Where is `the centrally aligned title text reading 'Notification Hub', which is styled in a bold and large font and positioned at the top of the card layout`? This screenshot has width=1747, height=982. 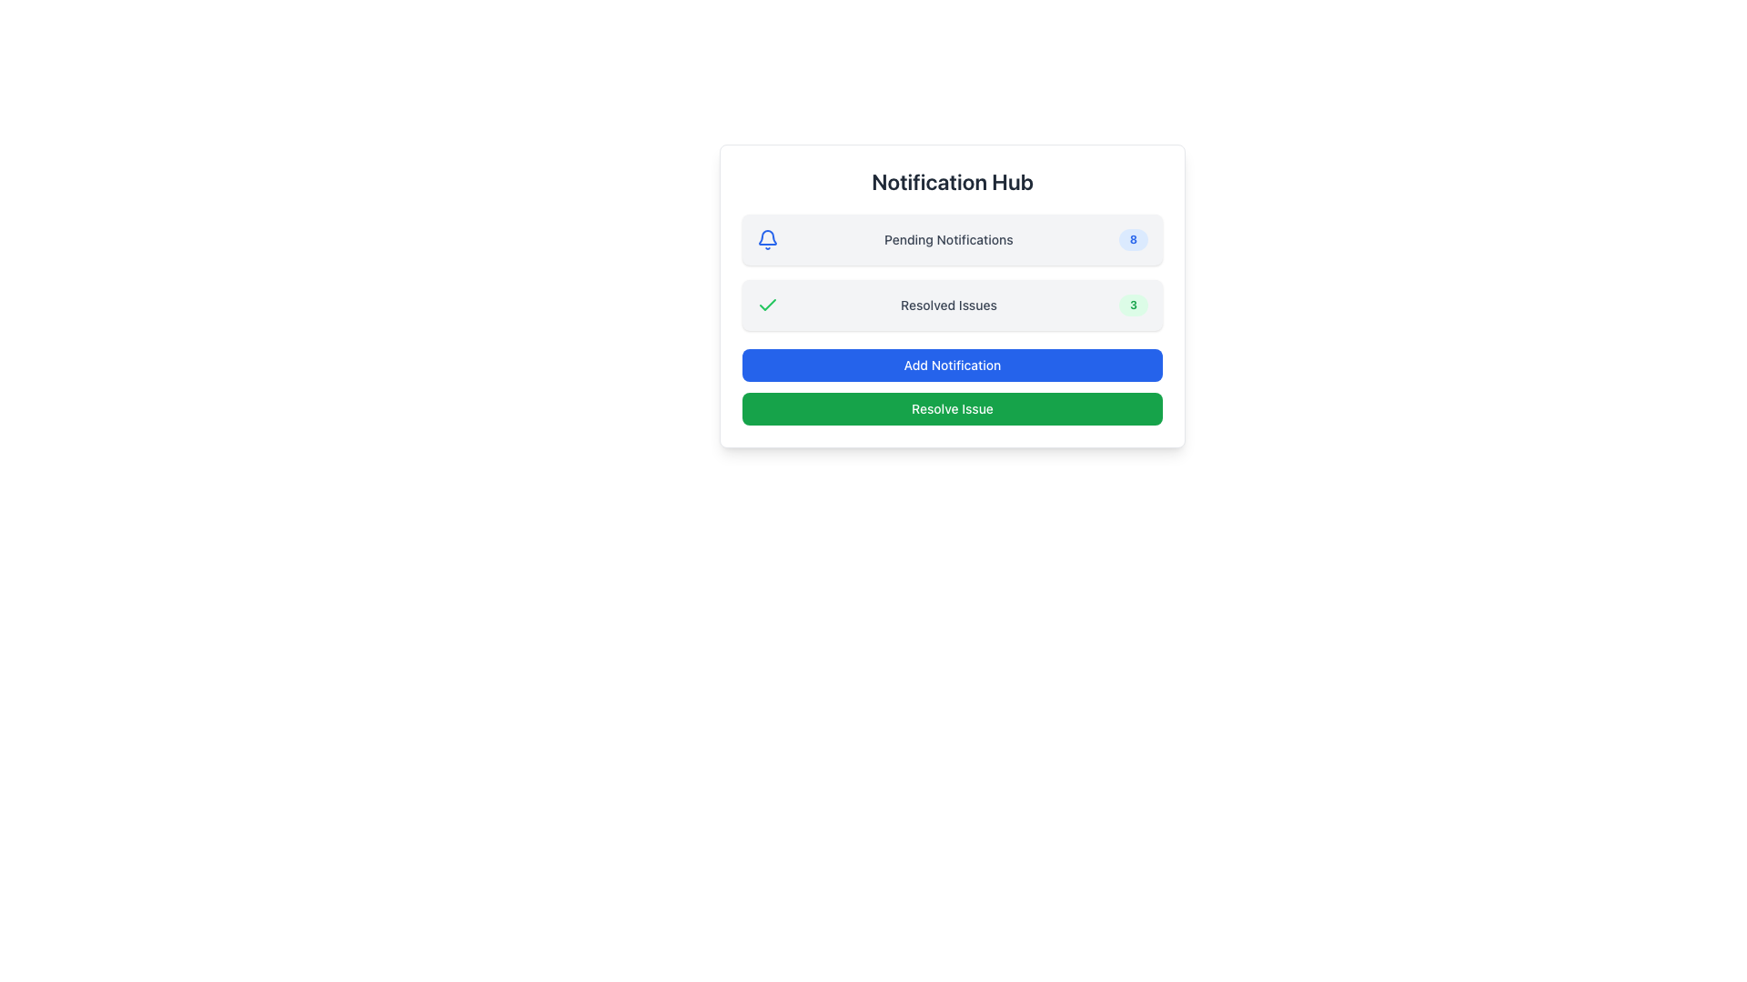 the centrally aligned title text reading 'Notification Hub', which is styled in a bold and large font and positioned at the top of the card layout is located at coordinates (951, 182).